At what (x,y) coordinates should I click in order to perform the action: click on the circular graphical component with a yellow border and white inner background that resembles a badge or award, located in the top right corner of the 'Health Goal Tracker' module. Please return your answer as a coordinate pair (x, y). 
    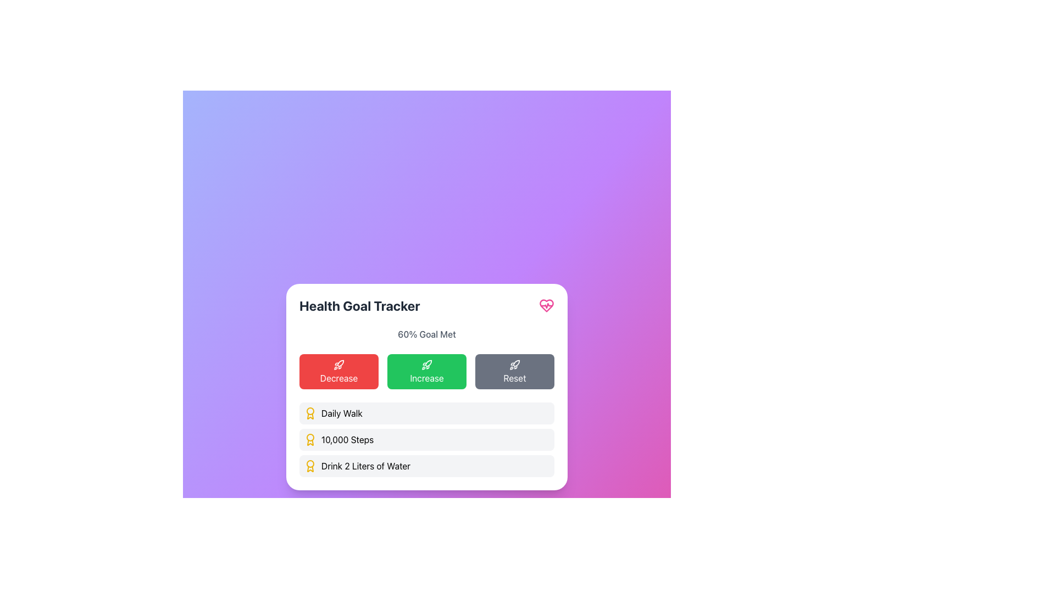
    Looking at the image, I should click on (310, 411).